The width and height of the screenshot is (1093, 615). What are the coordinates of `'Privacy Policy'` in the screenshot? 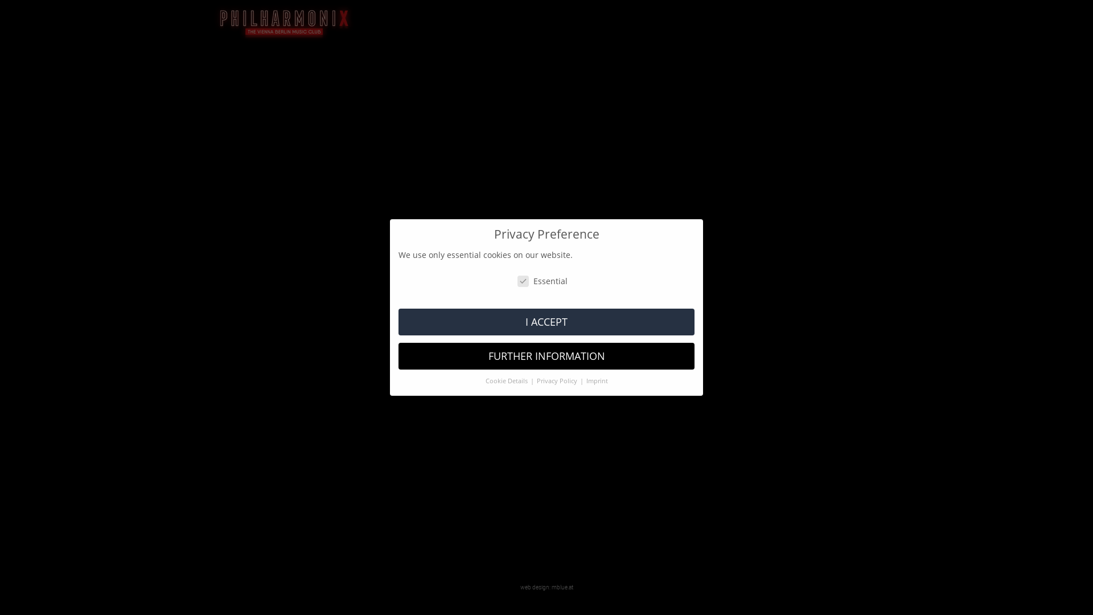 It's located at (535, 380).